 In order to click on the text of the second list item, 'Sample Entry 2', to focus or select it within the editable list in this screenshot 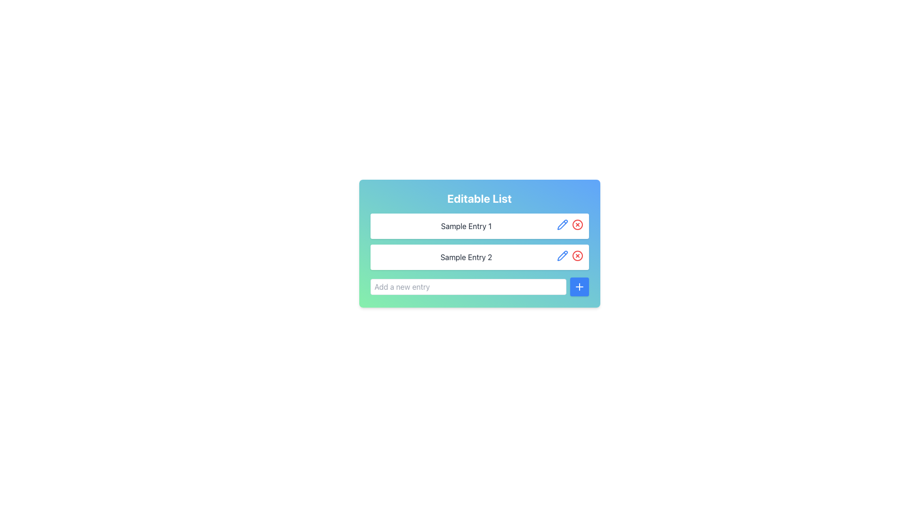, I will do `click(479, 257)`.